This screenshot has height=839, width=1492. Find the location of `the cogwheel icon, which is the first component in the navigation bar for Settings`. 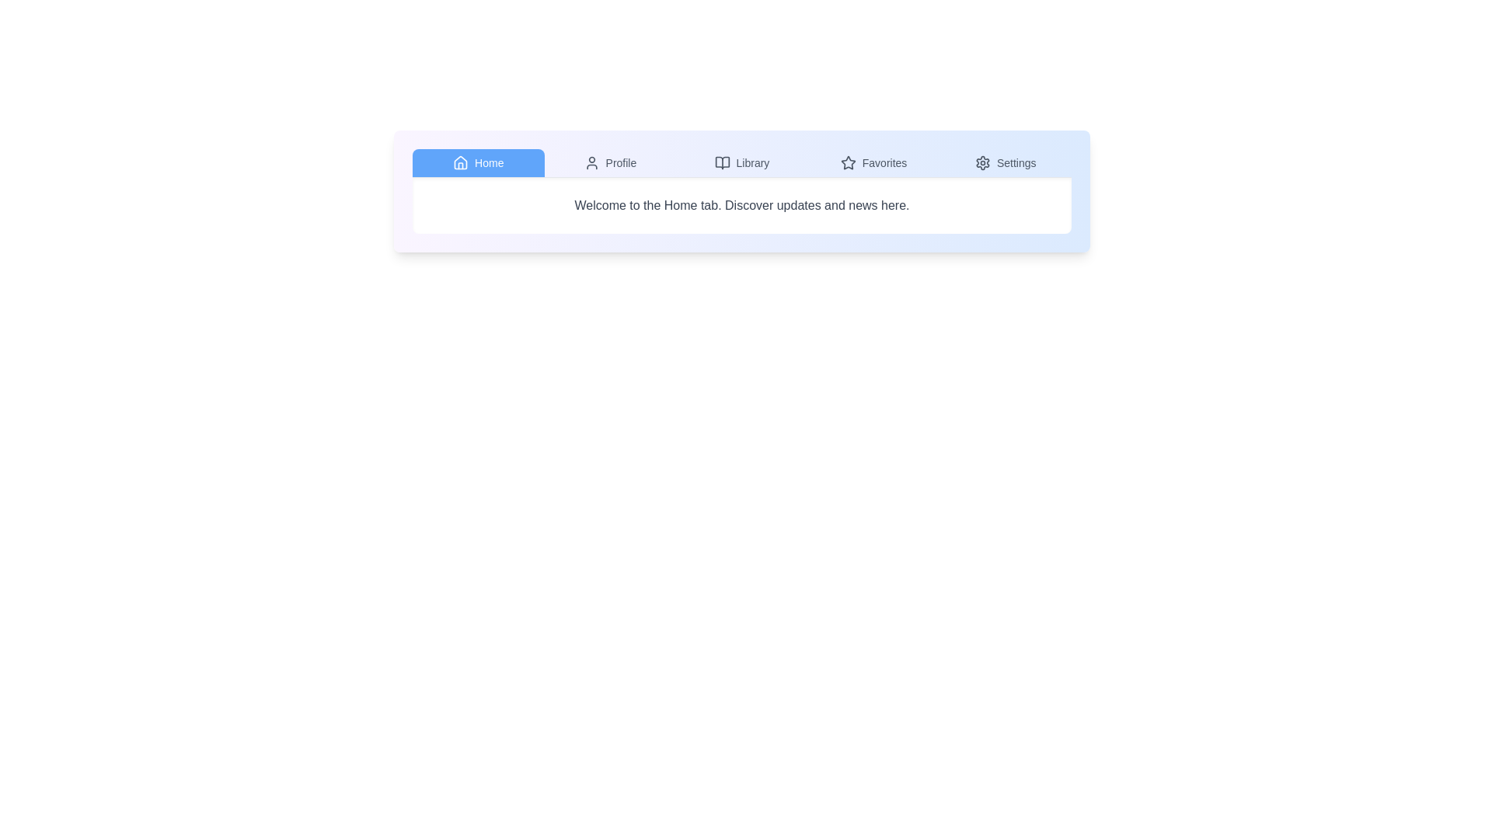

the cogwheel icon, which is the first component in the navigation bar for Settings is located at coordinates (981, 162).